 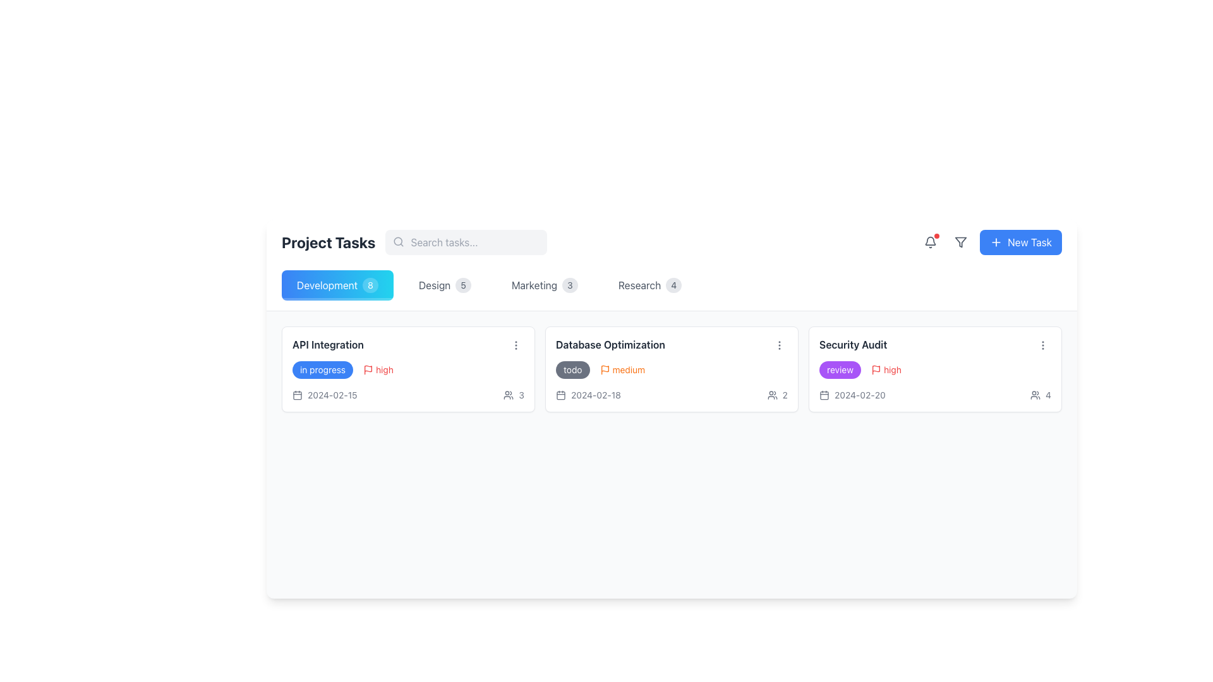 What do you see at coordinates (545, 285) in the screenshot?
I see `the 'Marketing' button, which is the third button from the left in a group of four buttons labeled 'Development', 'Design', 'Marketing', and 'Research'` at bounding box center [545, 285].